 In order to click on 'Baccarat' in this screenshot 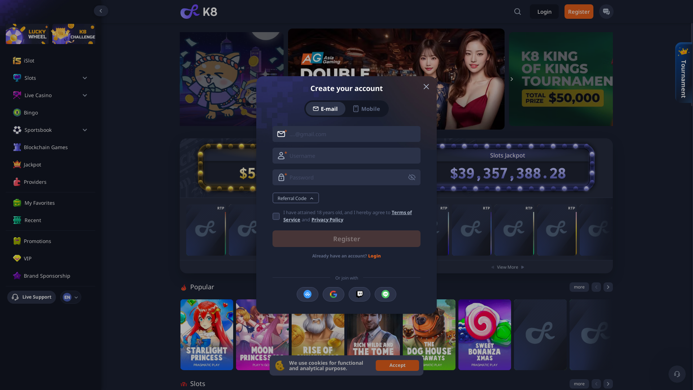, I will do `click(228, 230)`.